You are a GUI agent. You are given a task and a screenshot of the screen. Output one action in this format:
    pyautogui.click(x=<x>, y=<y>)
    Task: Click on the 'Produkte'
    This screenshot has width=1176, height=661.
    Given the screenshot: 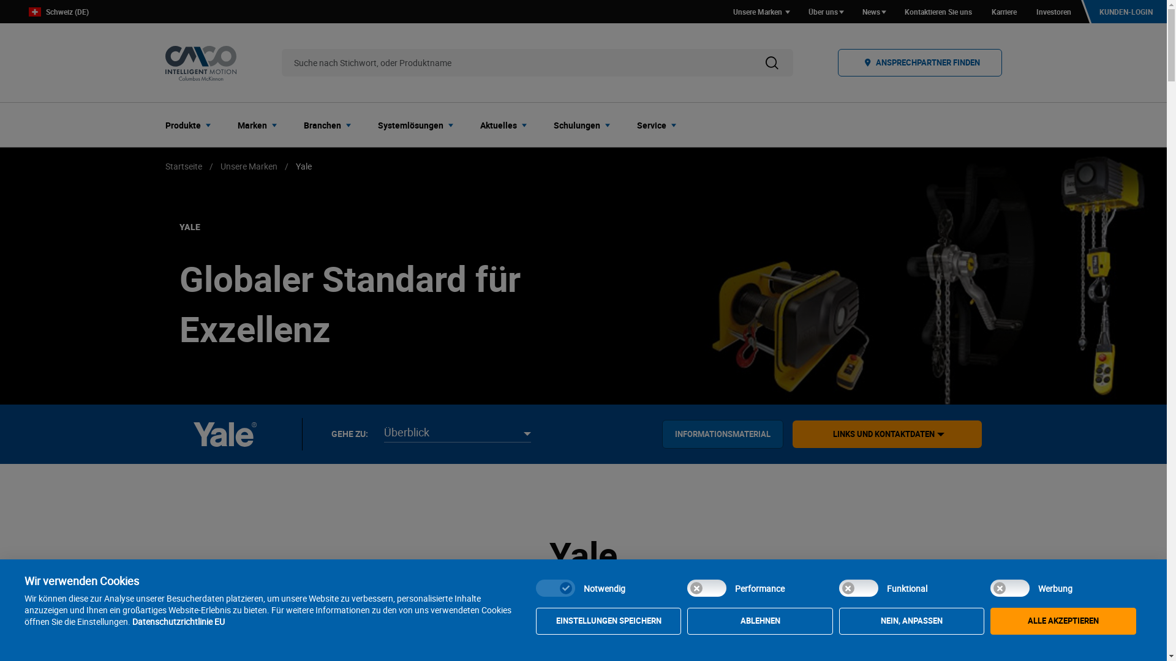 What is the action you would take?
    pyautogui.click(x=190, y=125)
    